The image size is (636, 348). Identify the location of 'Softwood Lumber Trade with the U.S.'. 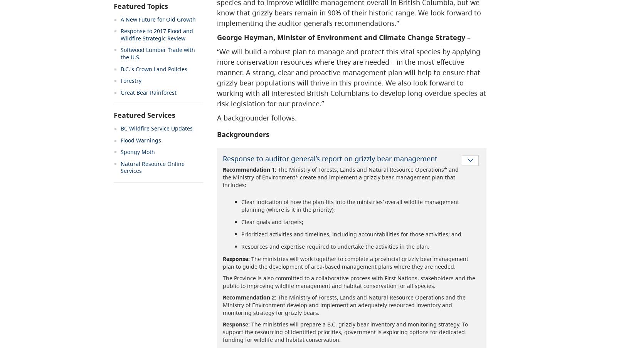
(158, 53).